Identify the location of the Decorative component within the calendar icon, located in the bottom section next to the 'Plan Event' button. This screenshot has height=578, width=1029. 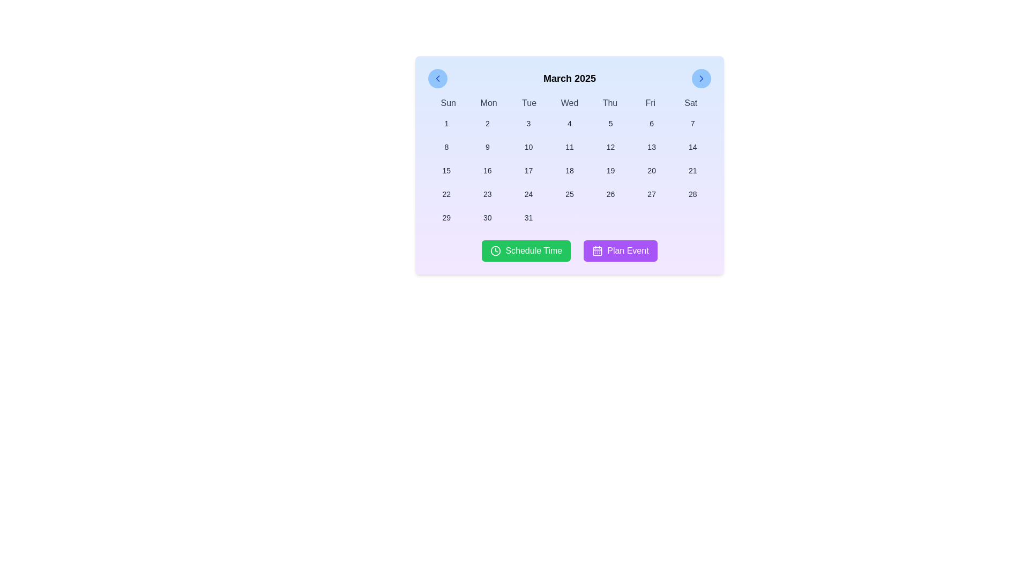
(597, 251).